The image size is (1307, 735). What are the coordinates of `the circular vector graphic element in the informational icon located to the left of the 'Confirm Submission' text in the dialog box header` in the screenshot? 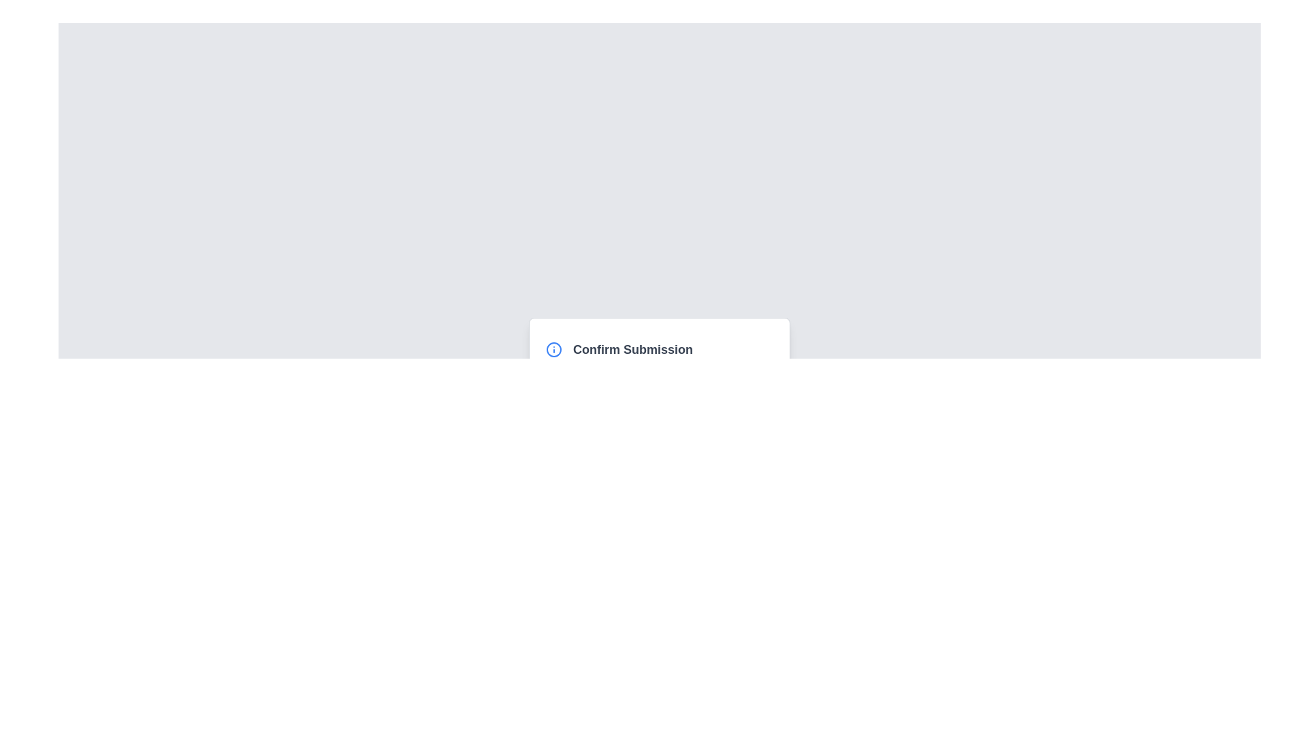 It's located at (554, 348).